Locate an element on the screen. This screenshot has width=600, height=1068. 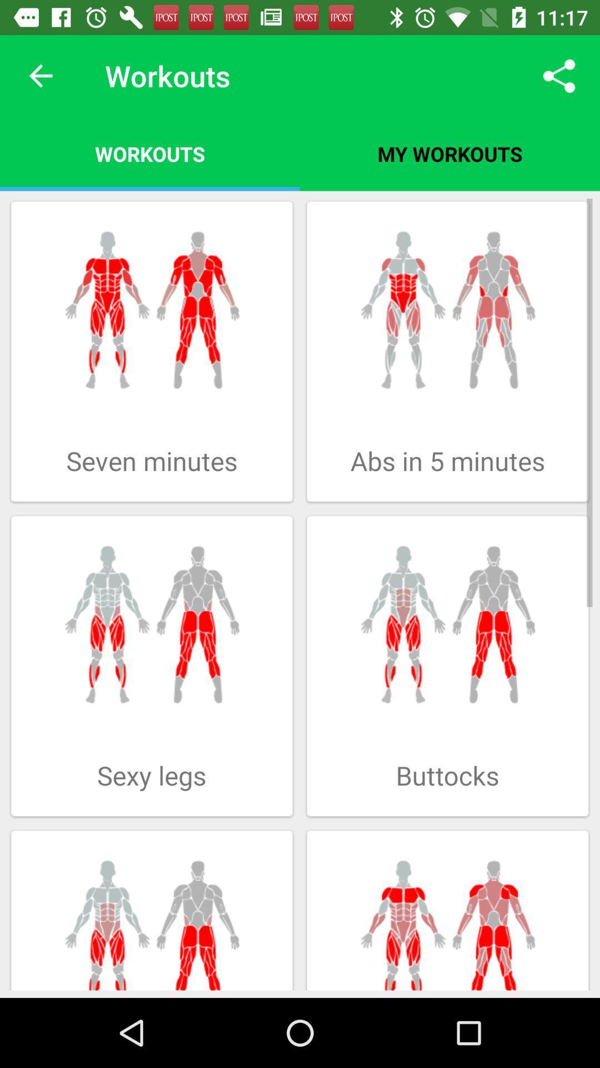
icon above workouts app is located at coordinates (40, 75).